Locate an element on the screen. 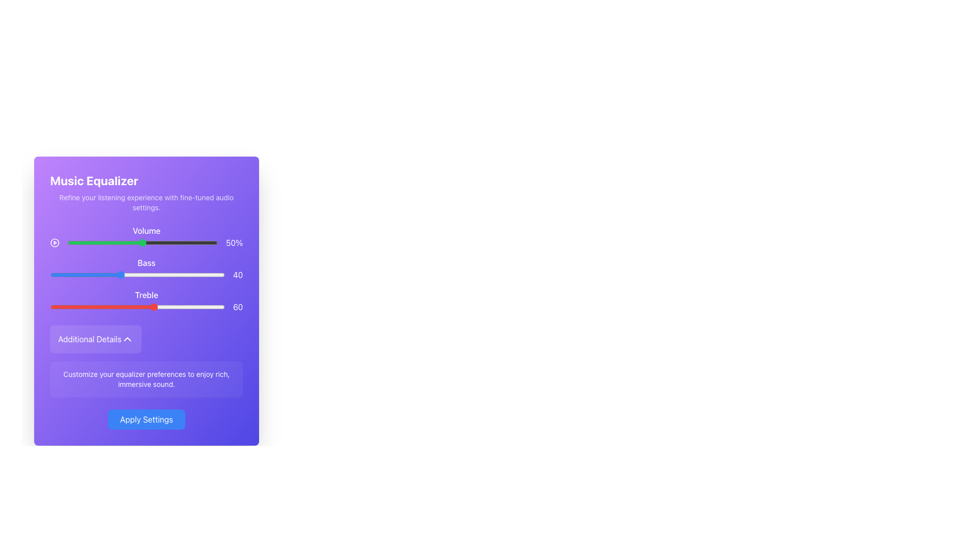 This screenshot has width=964, height=542. the circular SVG element that serves as the outer ring of the media play button located in the upper-left region of the interface is located at coordinates (54, 242).